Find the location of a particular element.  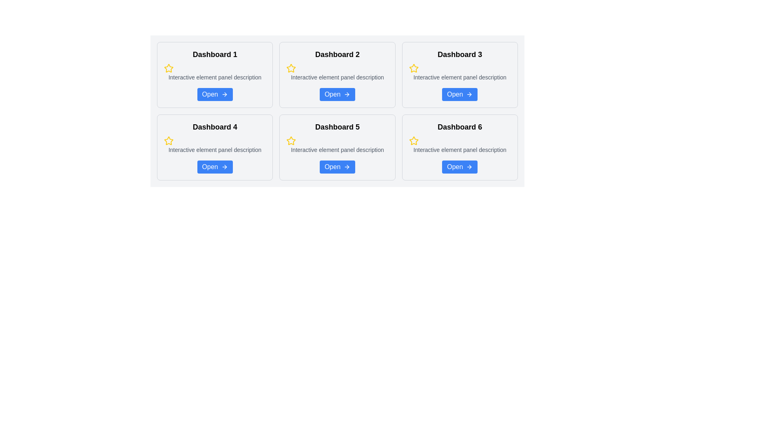

the rightward-pointing arrow icon located within the 'Open' button of the second dashboard panel in the grid layout is located at coordinates (347, 94).